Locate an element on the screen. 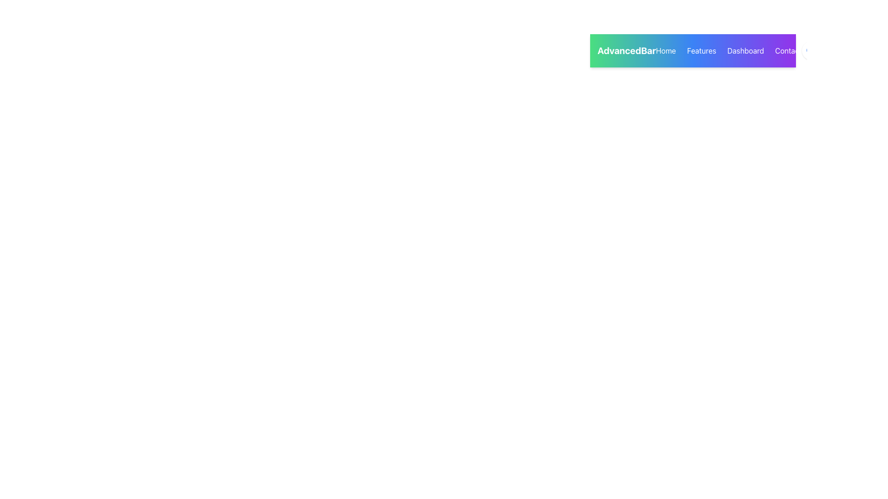 The height and width of the screenshot is (499, 888). the 'Dashboard' text link in the navigation bar is located at coordinates (746, 51).